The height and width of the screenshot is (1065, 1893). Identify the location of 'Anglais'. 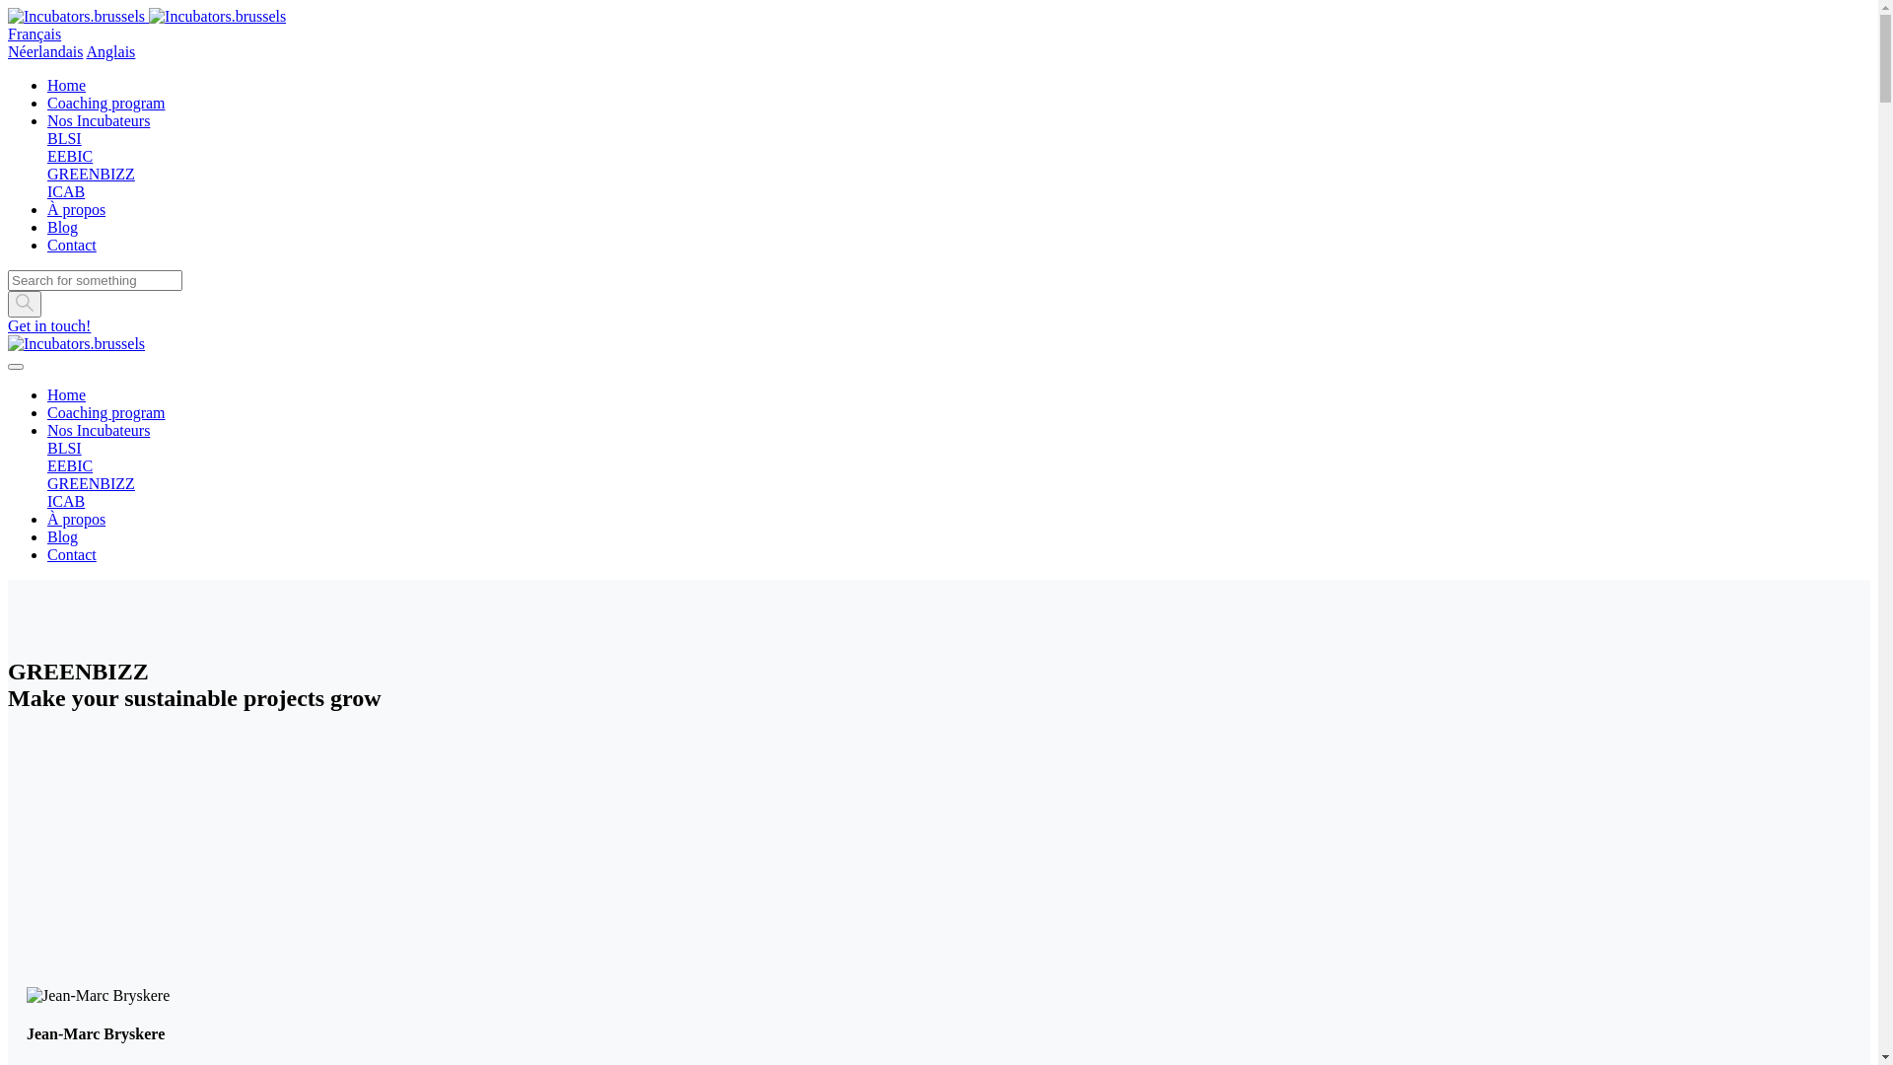
(85, 50).